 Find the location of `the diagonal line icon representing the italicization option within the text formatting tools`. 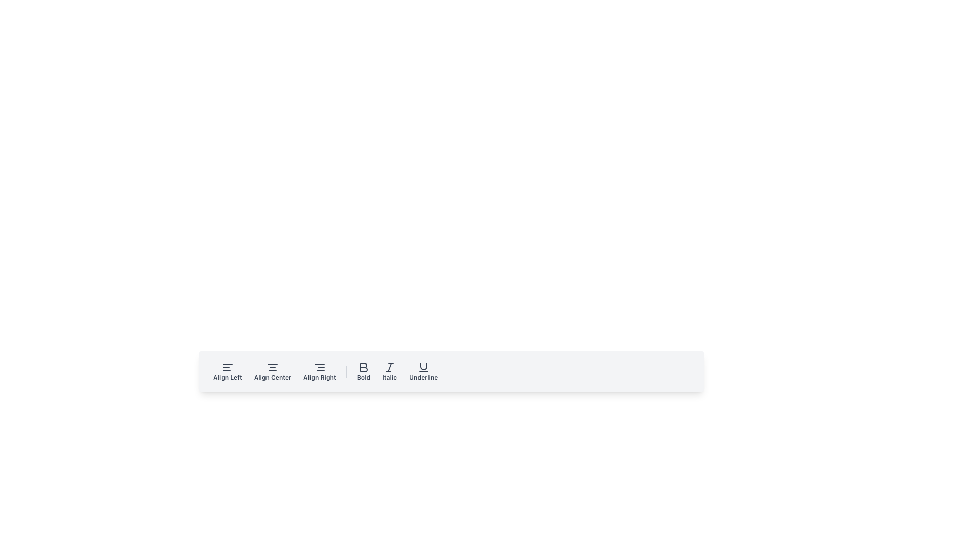

the diagonal line icon representing the italicization option within the text formatting tools is located at coordinates (389, 367).